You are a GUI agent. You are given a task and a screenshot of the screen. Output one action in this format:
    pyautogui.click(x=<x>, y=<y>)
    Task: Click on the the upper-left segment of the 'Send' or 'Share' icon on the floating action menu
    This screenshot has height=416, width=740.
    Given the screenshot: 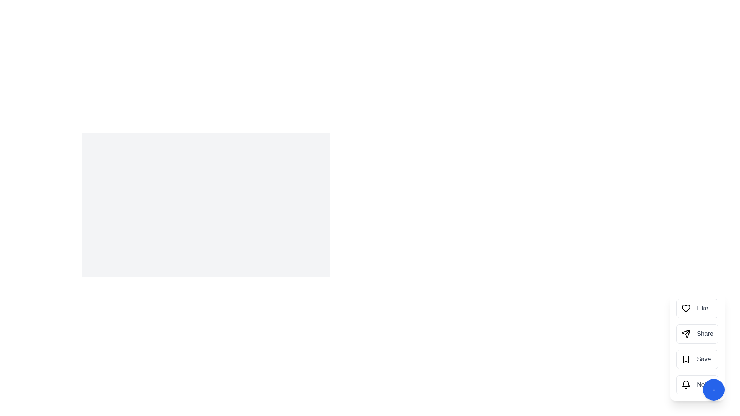 What is the action you would take?
    pyautogui.click(x=686, y=333)
    